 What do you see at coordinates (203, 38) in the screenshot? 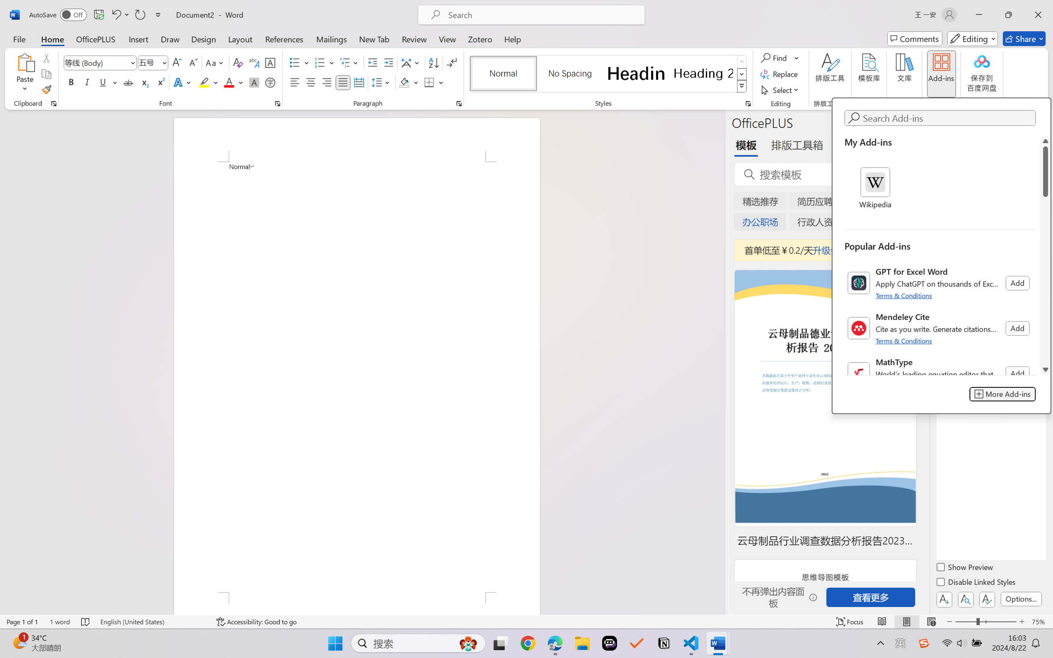
I see `'Design'` at bounding box center [203, 38].